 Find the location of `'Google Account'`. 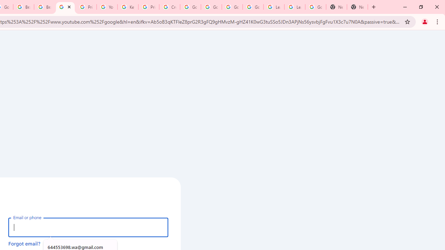

'Google Account' is located at coordinates (315, 7).